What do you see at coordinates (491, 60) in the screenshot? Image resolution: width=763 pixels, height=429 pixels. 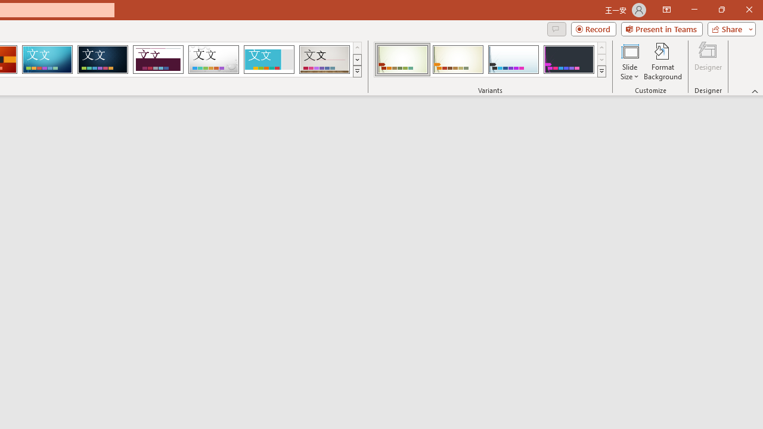 I see `'AutomationID: ThemeVariantsGallery'` at bounding box center [491, 60].